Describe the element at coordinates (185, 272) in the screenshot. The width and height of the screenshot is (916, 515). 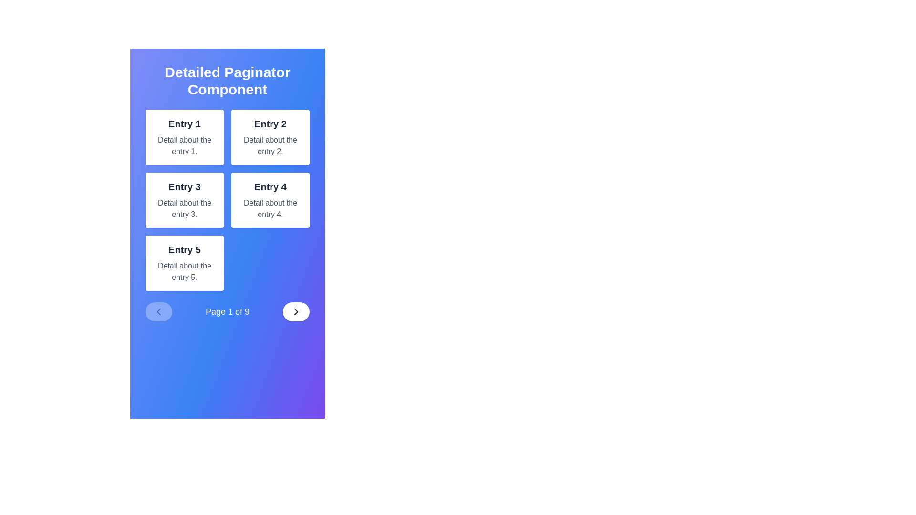
I see `the text label displaying 'Detail about the entry 5.', which is styled in gray and located beneath the heading 'Entry 5' within the card at the lower-left corner of the grid layout` at that location.